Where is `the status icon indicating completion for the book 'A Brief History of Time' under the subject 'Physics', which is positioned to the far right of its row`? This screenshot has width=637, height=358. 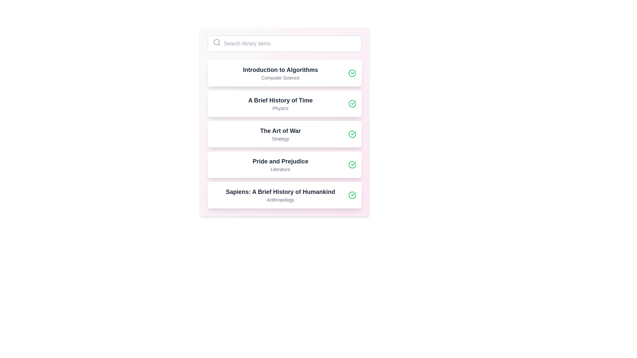
the status icon indicating completion for the book 'A Brief History of Time' under the subject 'Physics', which is positioned to the far right of its row is located at coordinates (353, 102).